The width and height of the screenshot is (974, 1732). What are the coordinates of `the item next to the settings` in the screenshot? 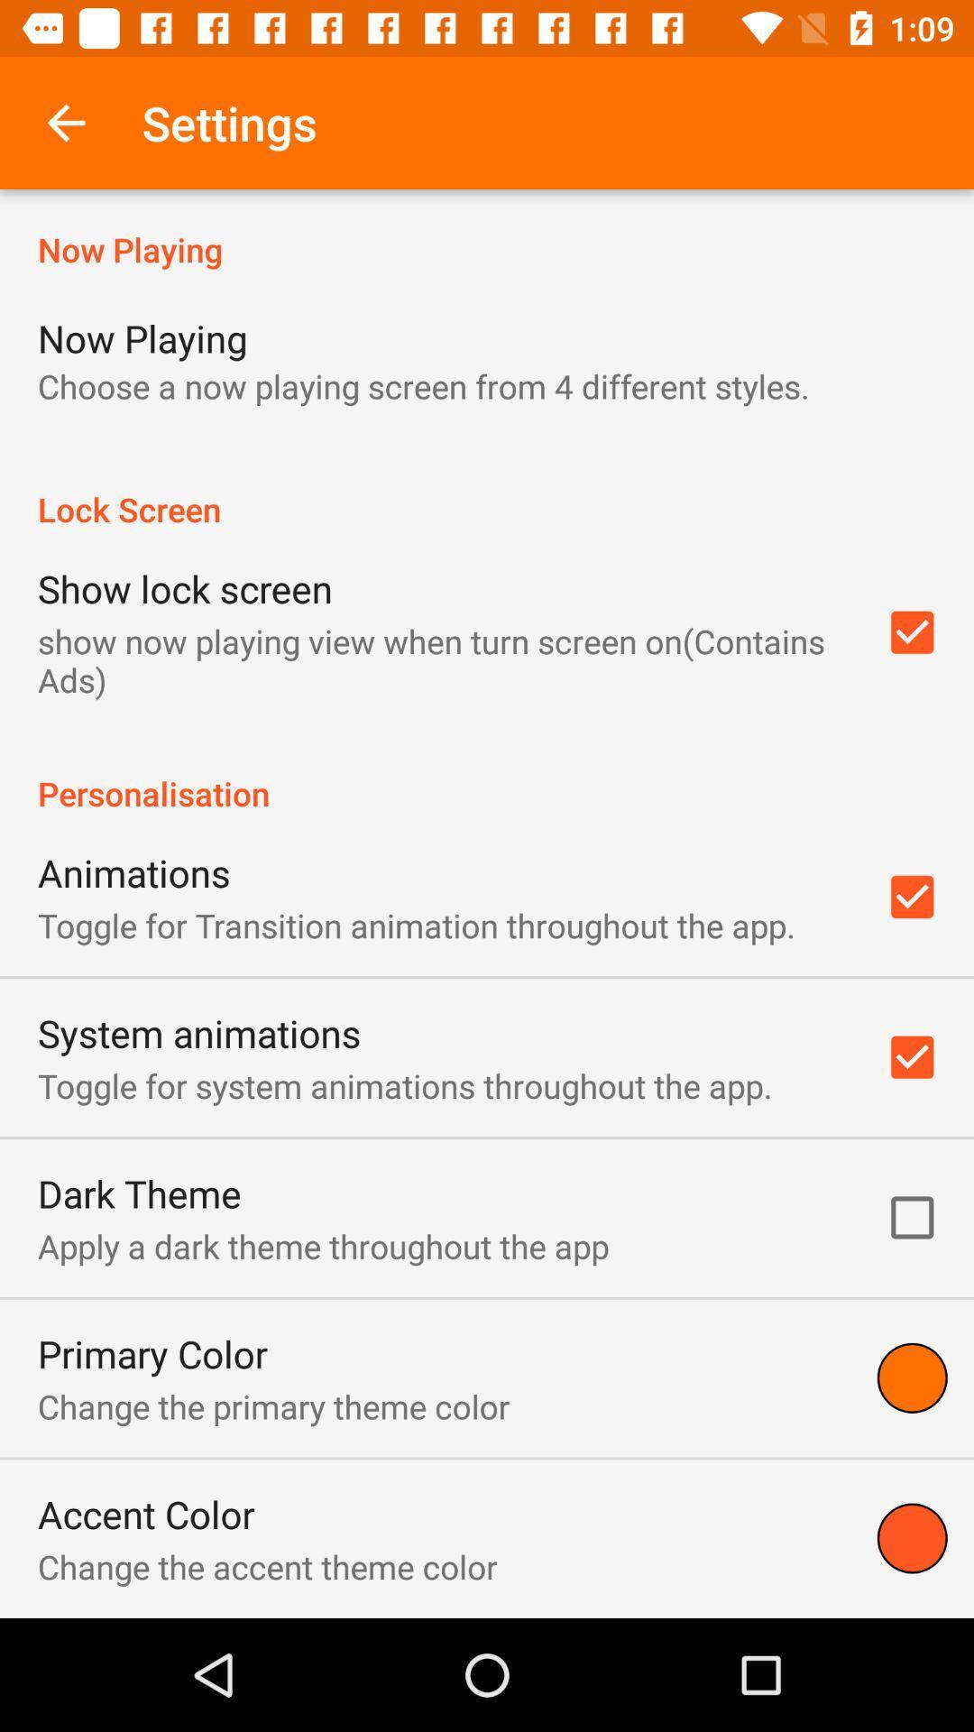 It's located at (65, 122).